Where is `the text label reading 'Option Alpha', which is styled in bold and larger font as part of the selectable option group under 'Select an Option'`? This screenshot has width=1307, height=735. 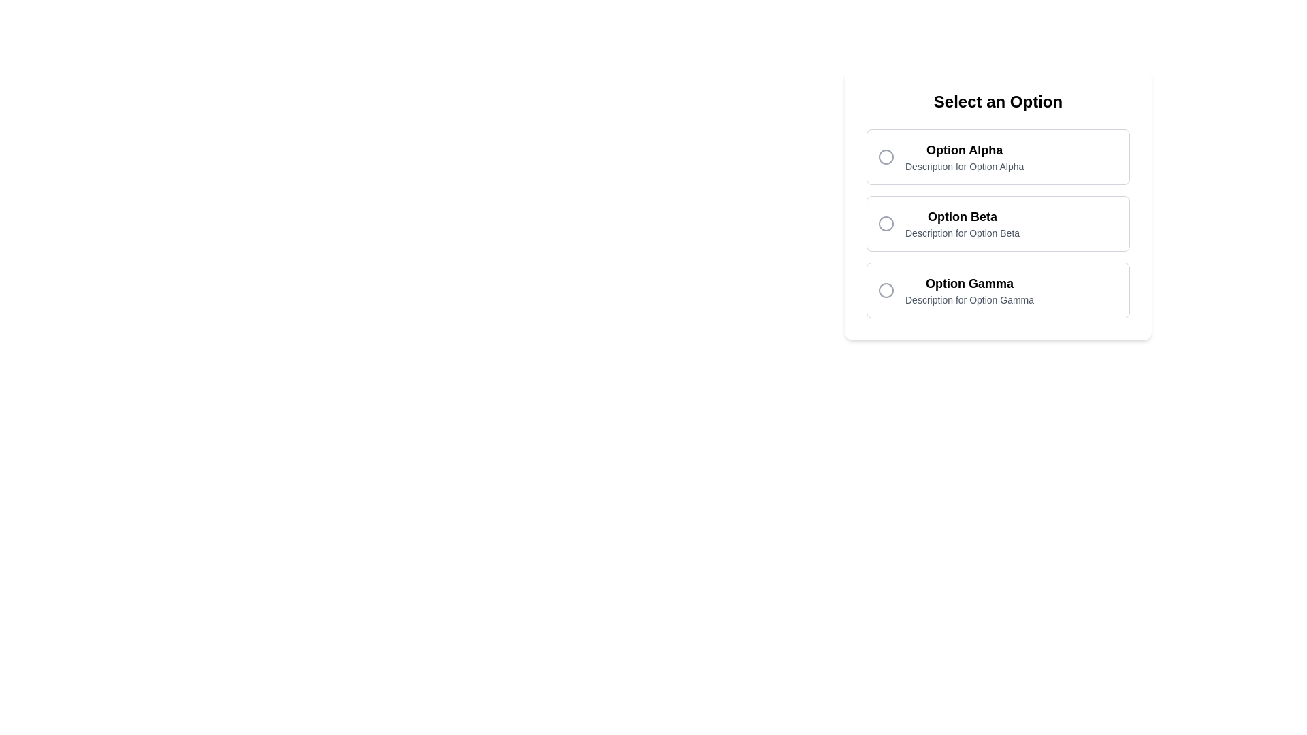 the text label reading 'Option Alpha', which is styled in bold and larger font as part of the selectable option group under 'Select an Option' is located at coordinates (964, 150).